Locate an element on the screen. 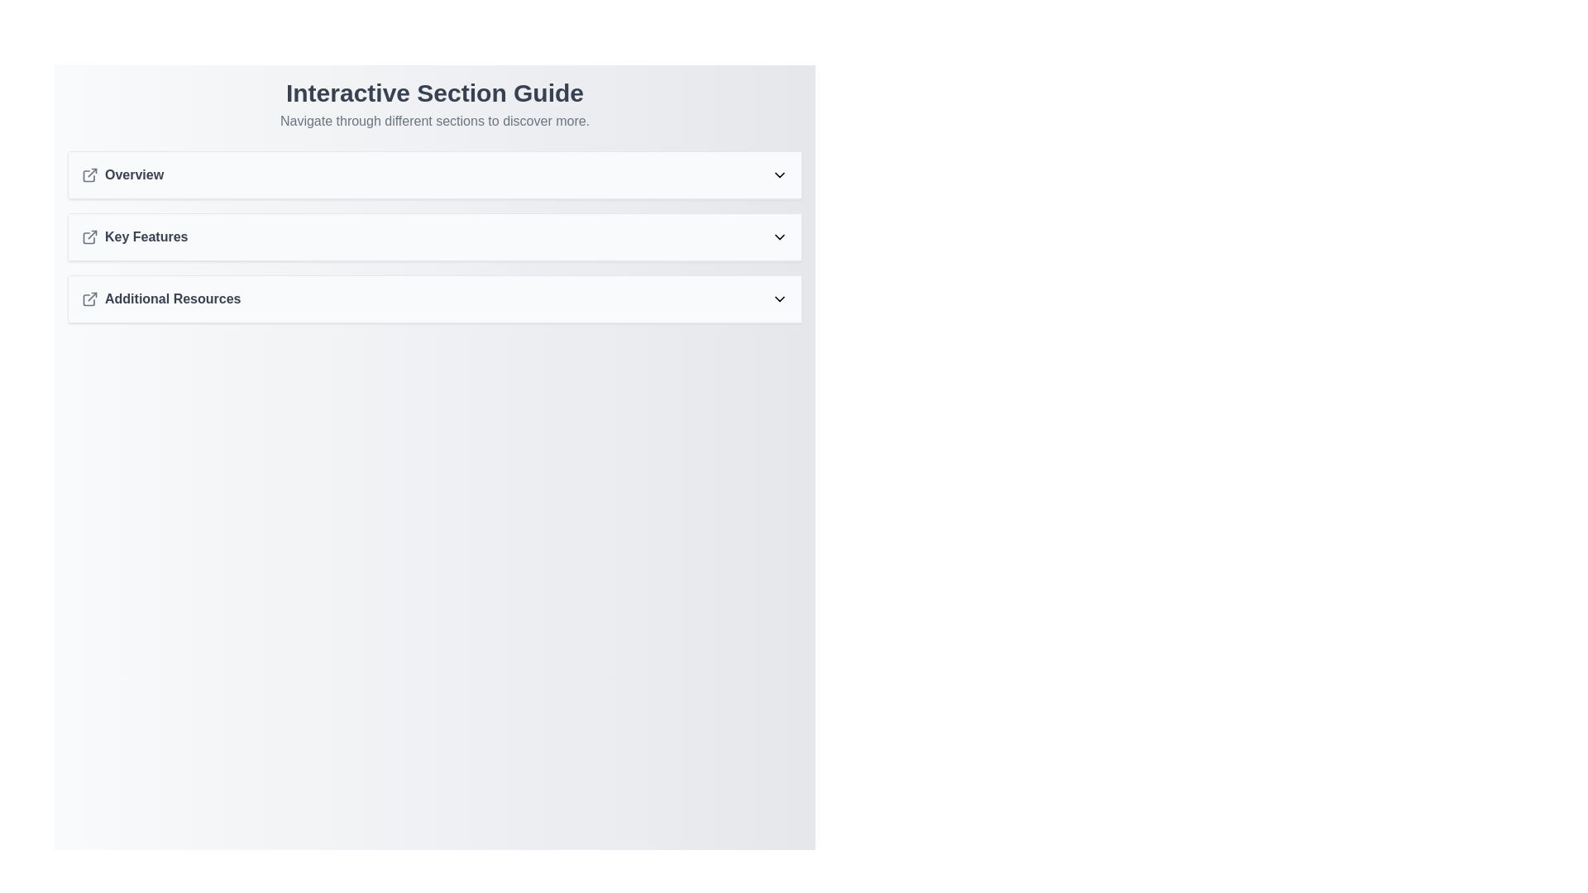 The image size is (1588, 893). the dropdown toggle icon located at the right-hand side of the 'Key Features' section header is located at coordinates (778, 236).